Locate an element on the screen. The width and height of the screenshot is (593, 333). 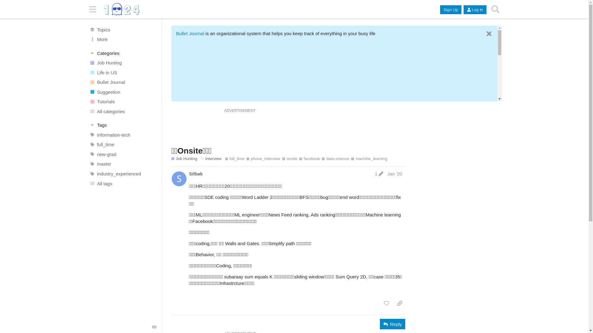
'Search' is located at coordinates (495, 9).